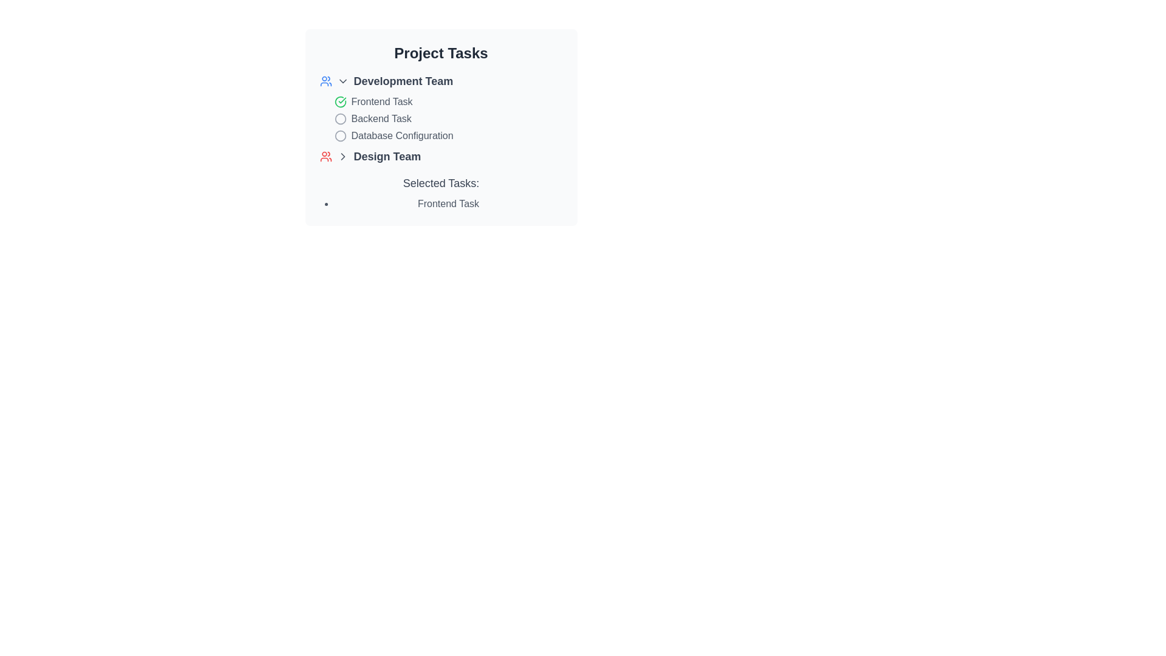  I want to click on the 'Backend Task' text label in the 'Development Team' list, so click(381, 119).